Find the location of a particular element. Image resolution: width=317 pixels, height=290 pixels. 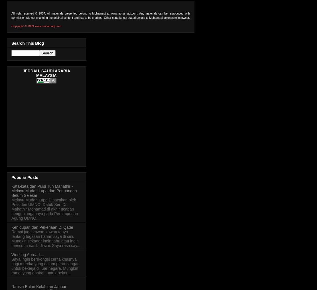

'Popular Posts' is located at coordinates (24, 177).